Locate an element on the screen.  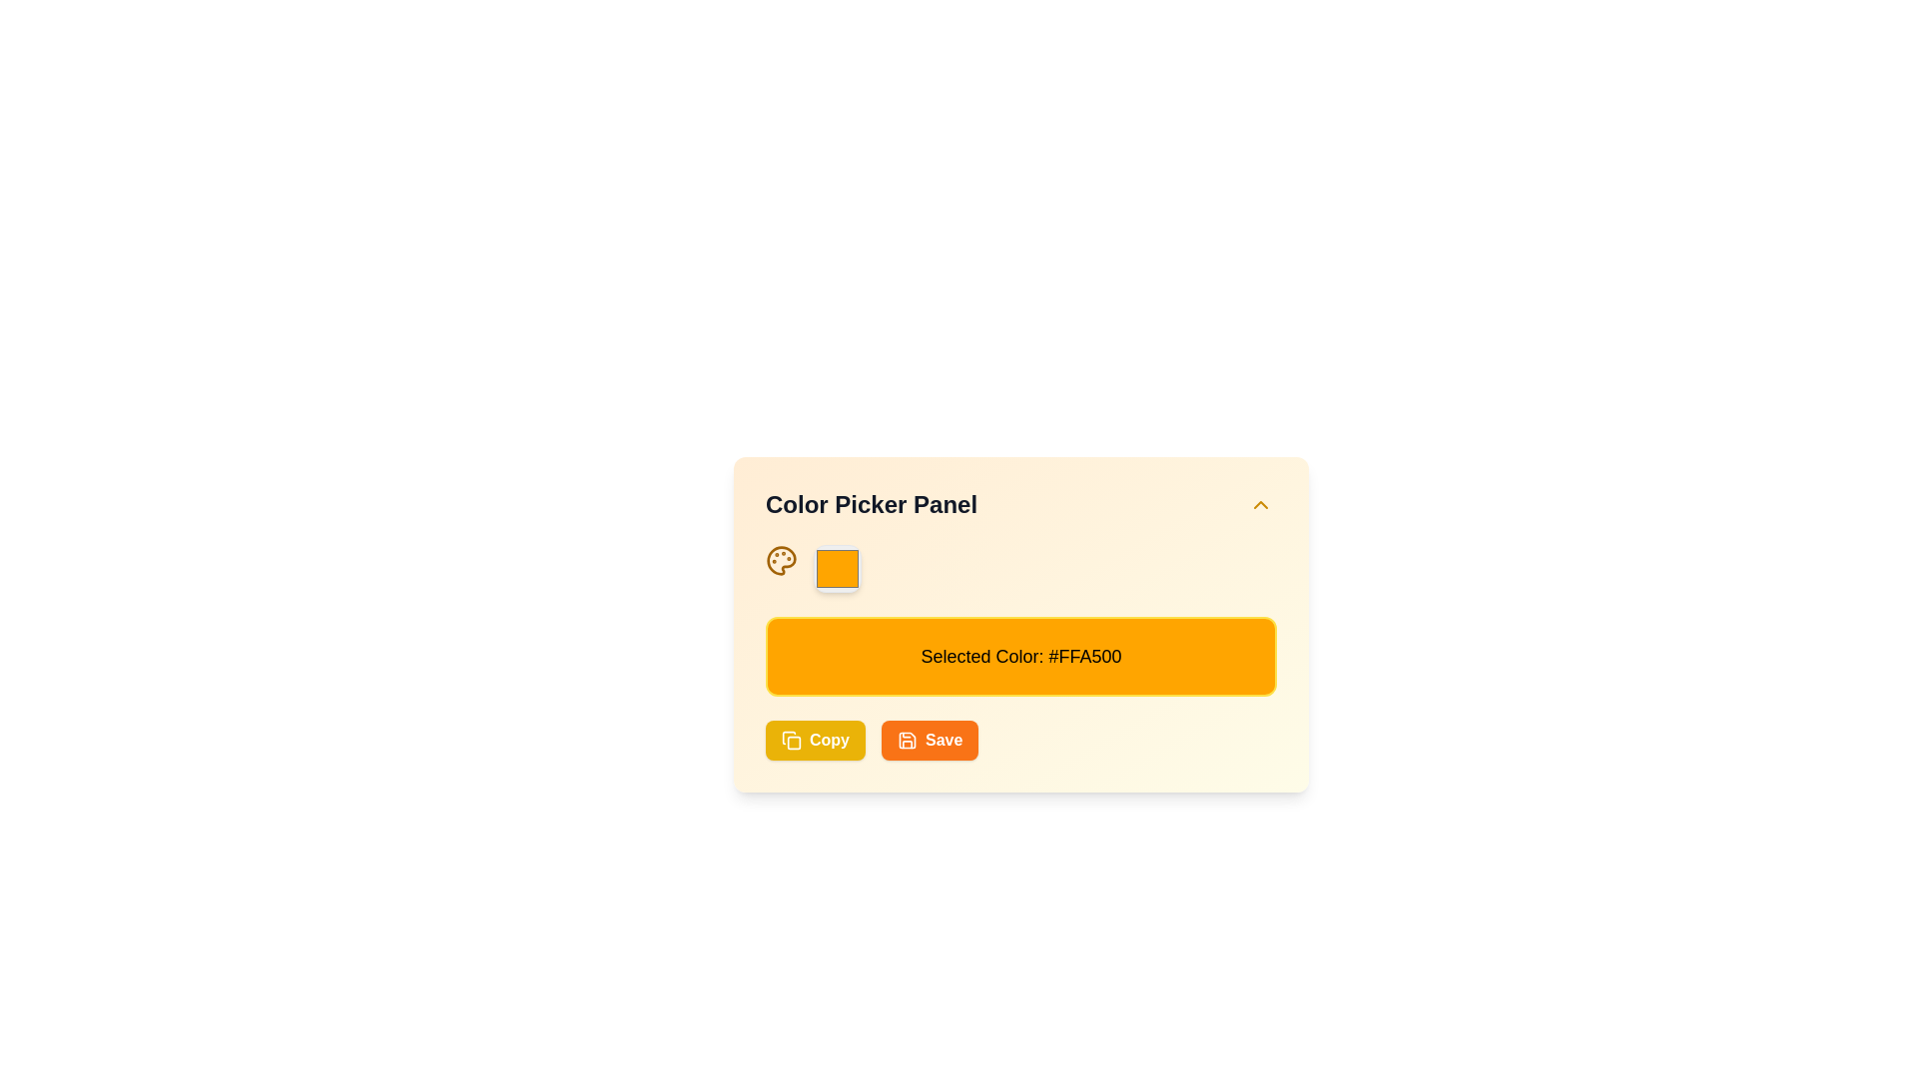
the 'Copy' button located at the bottom-left side of the panel, which features bold white text on a yellow background and is part of a button group with an icon to its left is located at coordinates (829, 740).